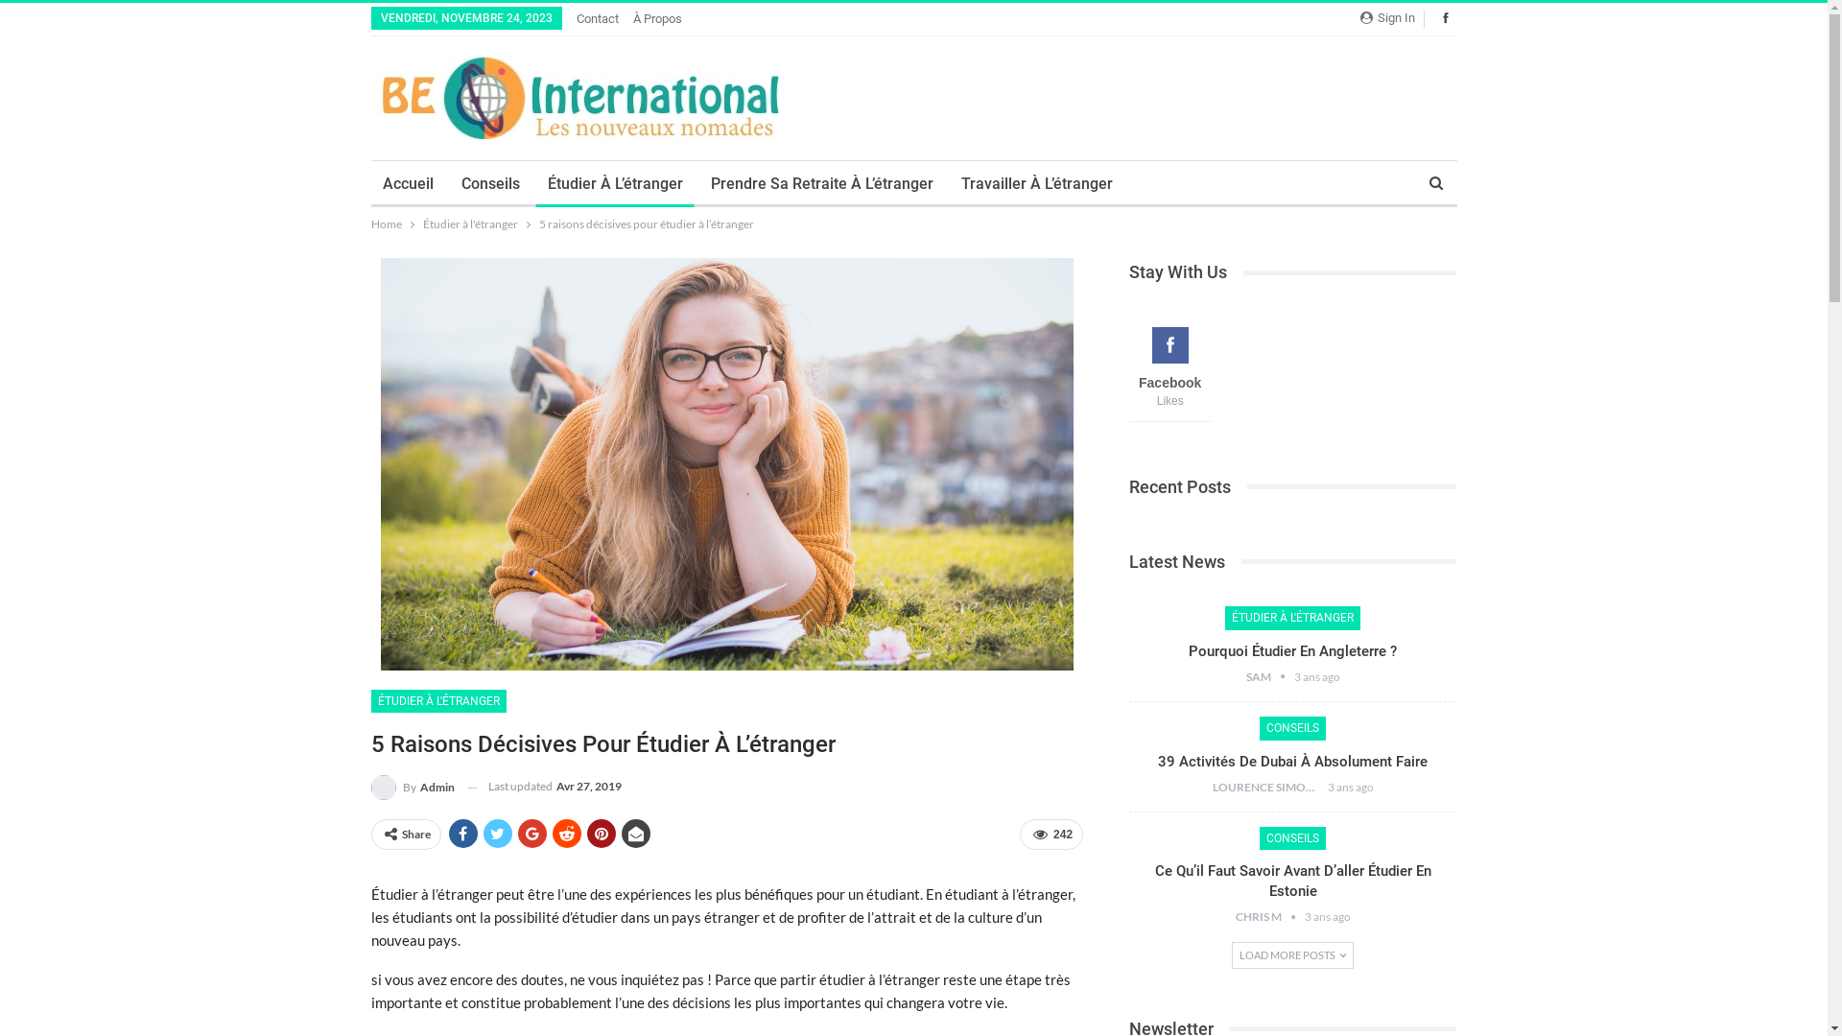 This screenshot has height=1036, width=1842. What do you see at coordinates (1270, 787) in the screenshot?
I see `'LOURENCE SIMOE'` at bounding box center [1270, 787].